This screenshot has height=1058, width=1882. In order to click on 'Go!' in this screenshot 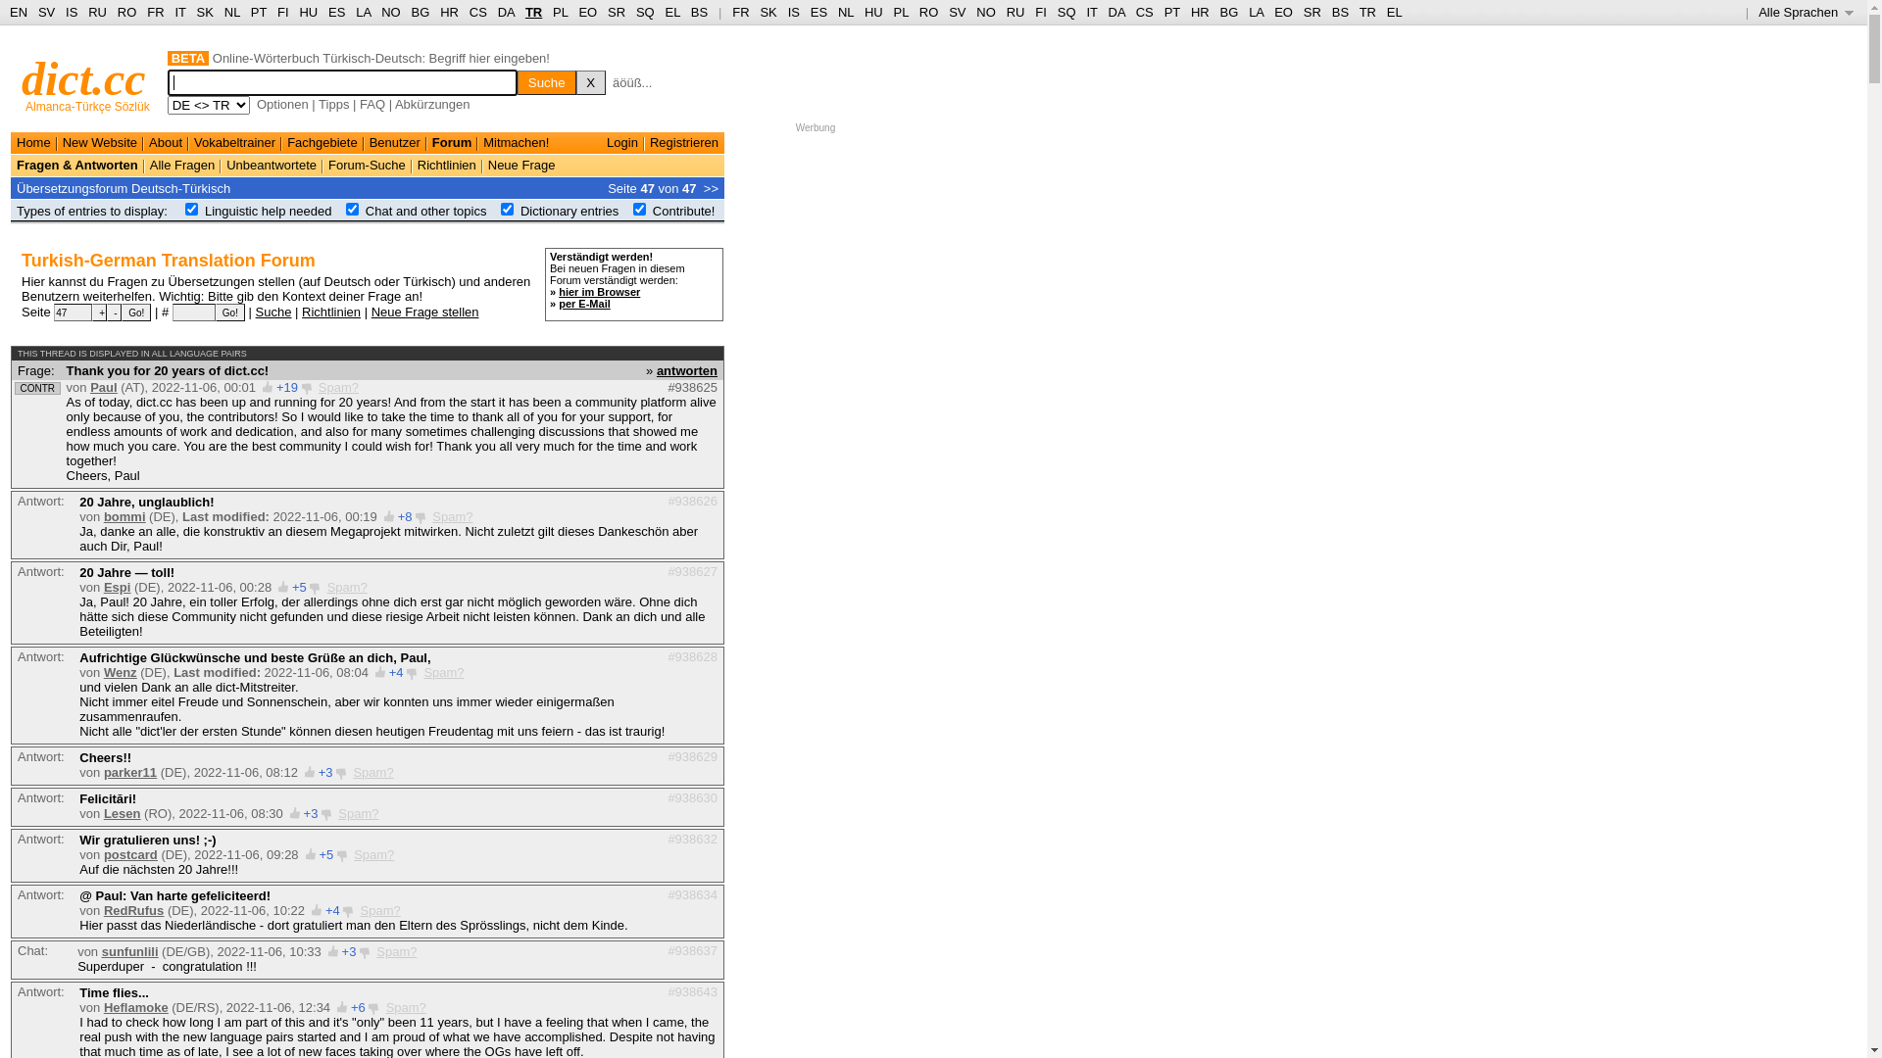, I will do `click(135, 312)`.